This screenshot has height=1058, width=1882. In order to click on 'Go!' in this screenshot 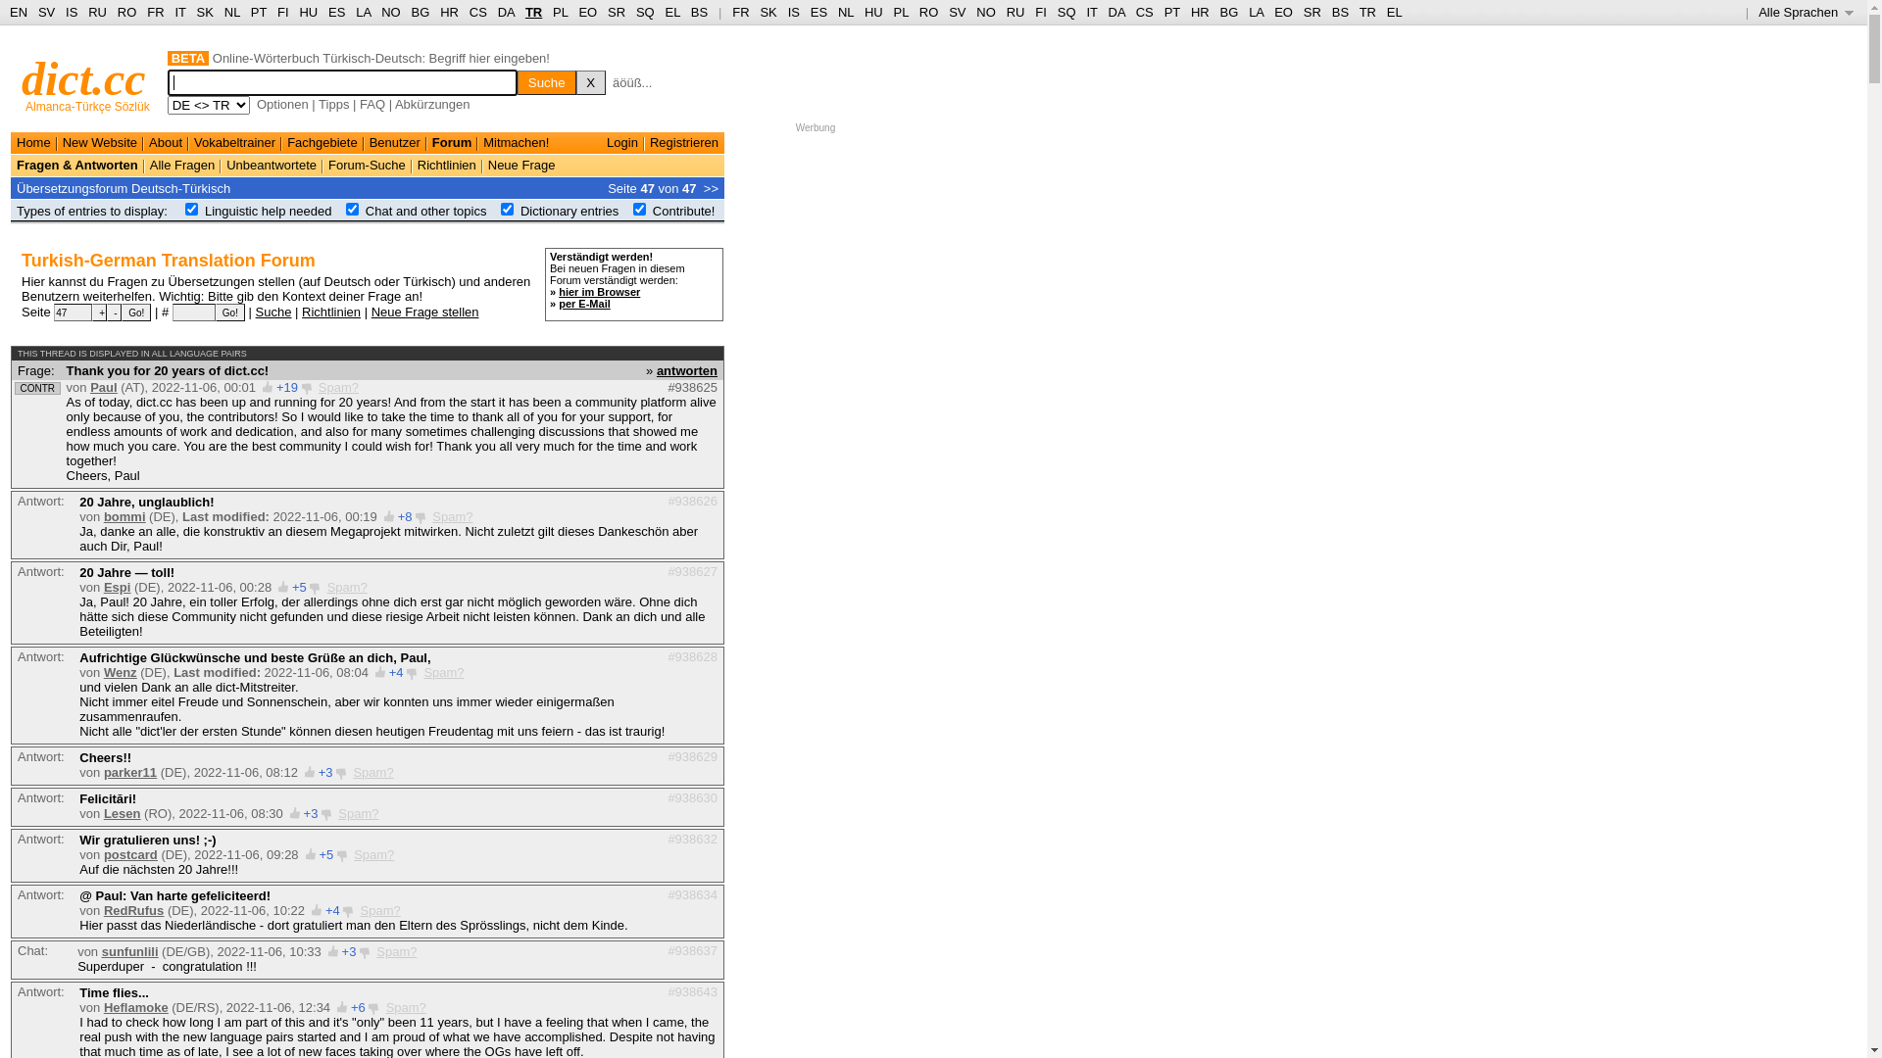, I will do `click(135, 312)`.